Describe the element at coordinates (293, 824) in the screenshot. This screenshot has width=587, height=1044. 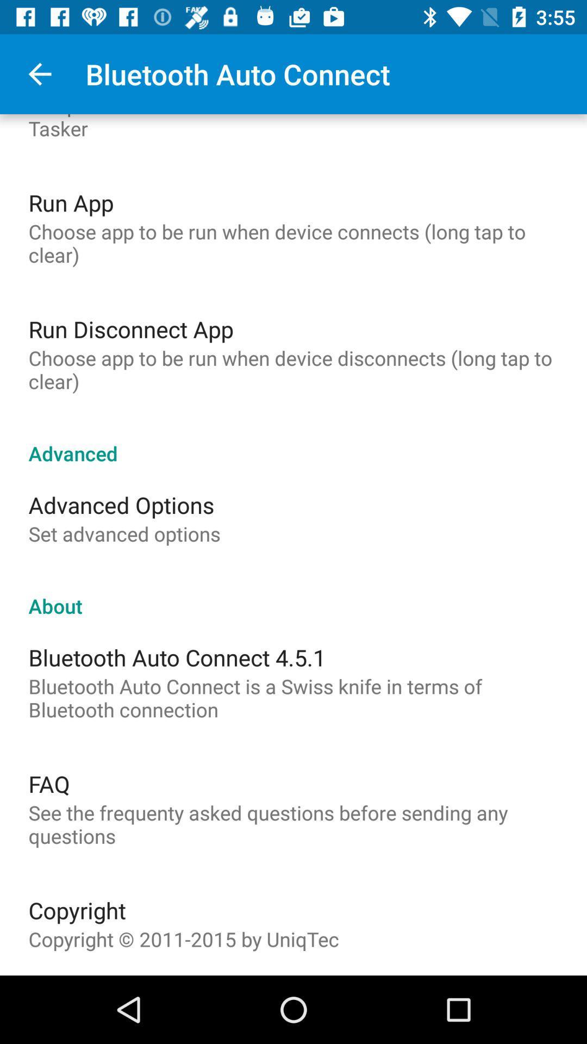
I see `item below the faq item` at that location.